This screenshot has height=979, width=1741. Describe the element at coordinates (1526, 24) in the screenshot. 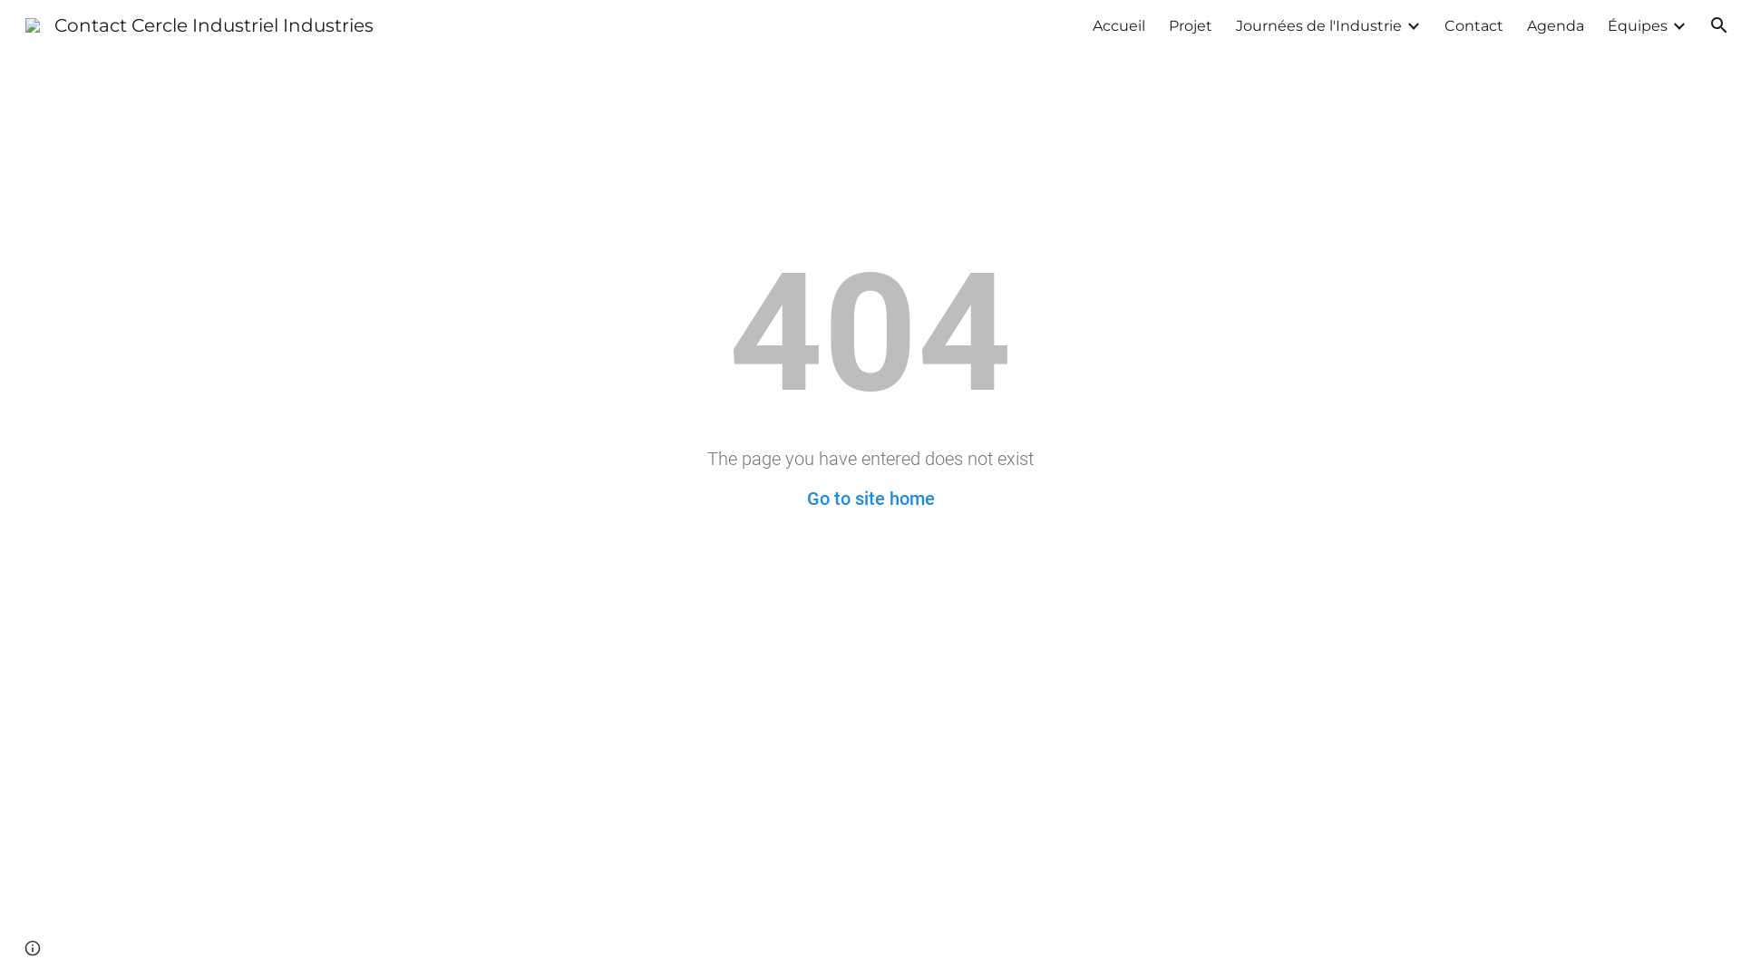

I see `'Agenda'` at that location.